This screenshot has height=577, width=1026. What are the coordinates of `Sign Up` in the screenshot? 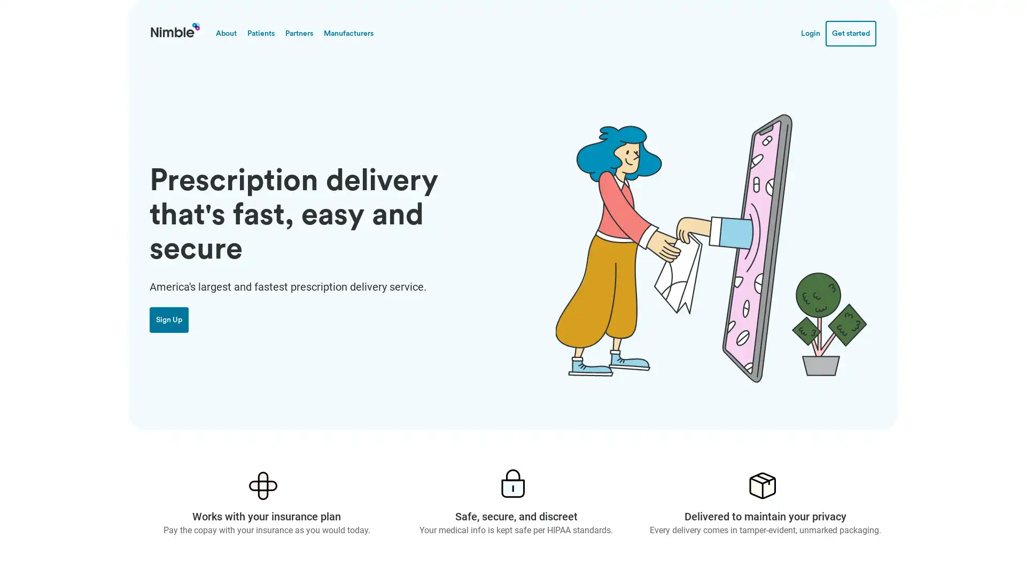 It's located at (168, 319).